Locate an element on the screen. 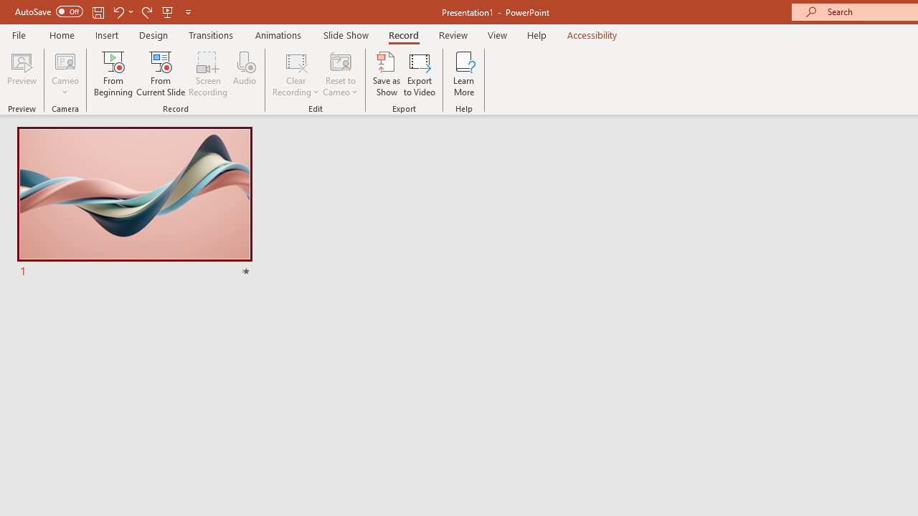  'Export to Video' is located at coordinates (419, 74).